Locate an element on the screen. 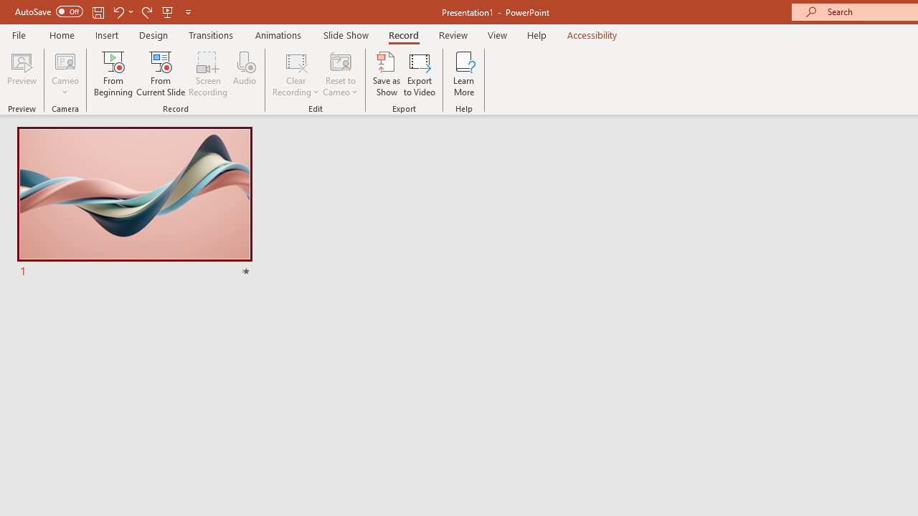  'Export to Video' is located at coordinates (419, 74).